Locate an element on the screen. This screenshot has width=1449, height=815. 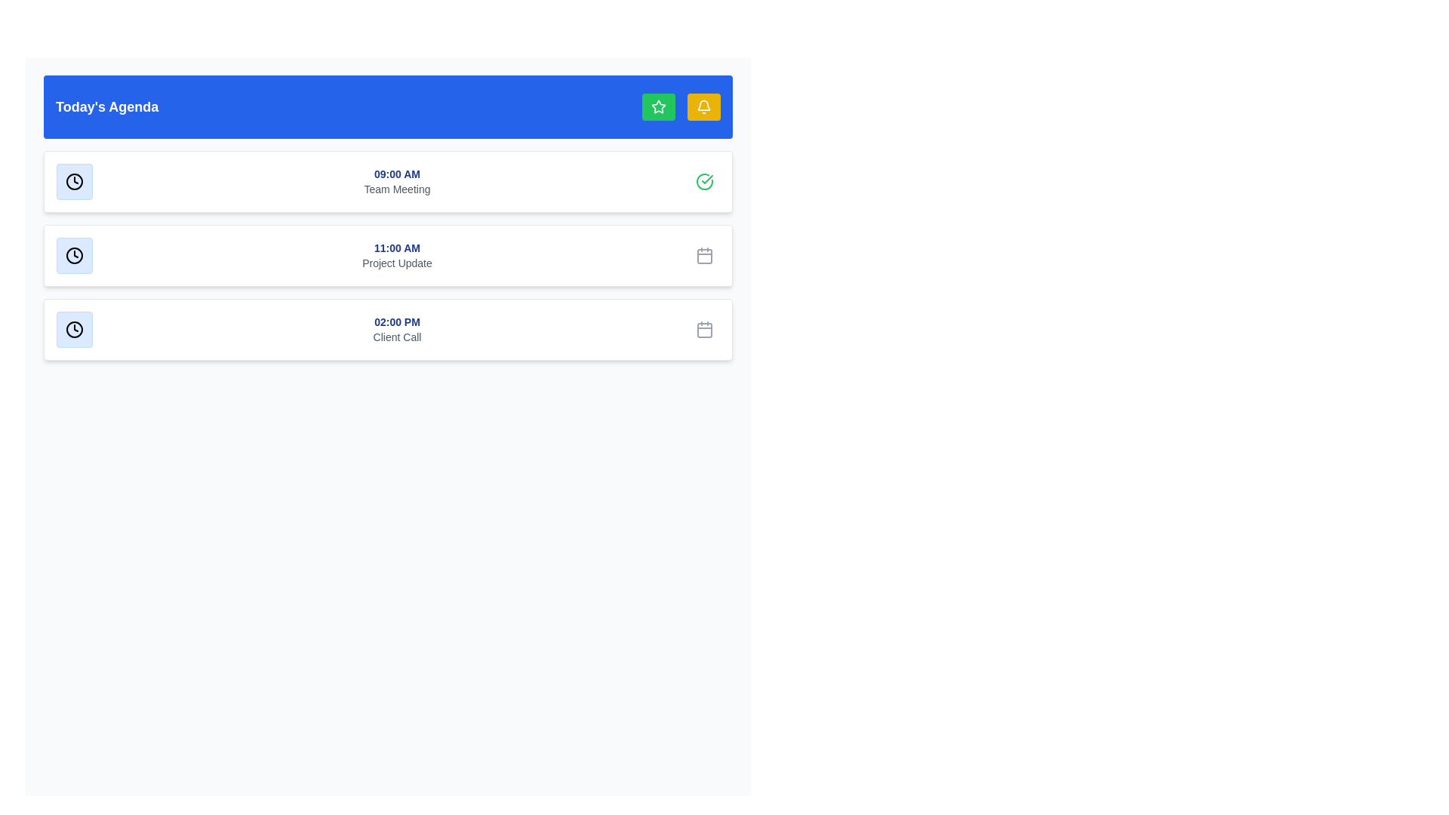
information displayed in the text label showing '11:00 AM', which is styled in a small, bold, blue font and represents a time in the schedule is located at coordinates (397, 247).